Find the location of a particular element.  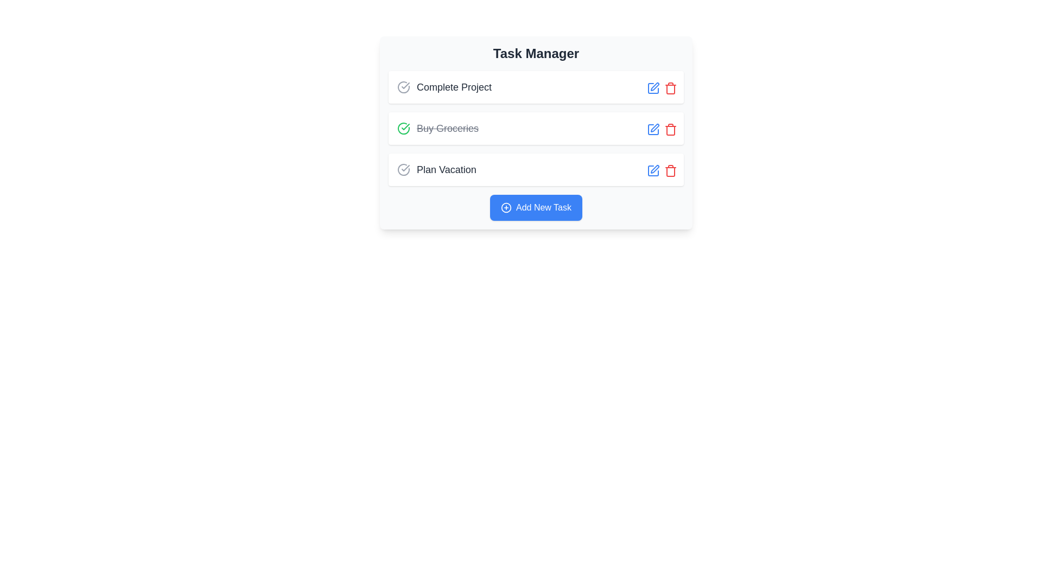

the text label displaying 'Plan Vacation', which is the third item in the task list under 'Task Manager' is located at coordinates (446, 169).